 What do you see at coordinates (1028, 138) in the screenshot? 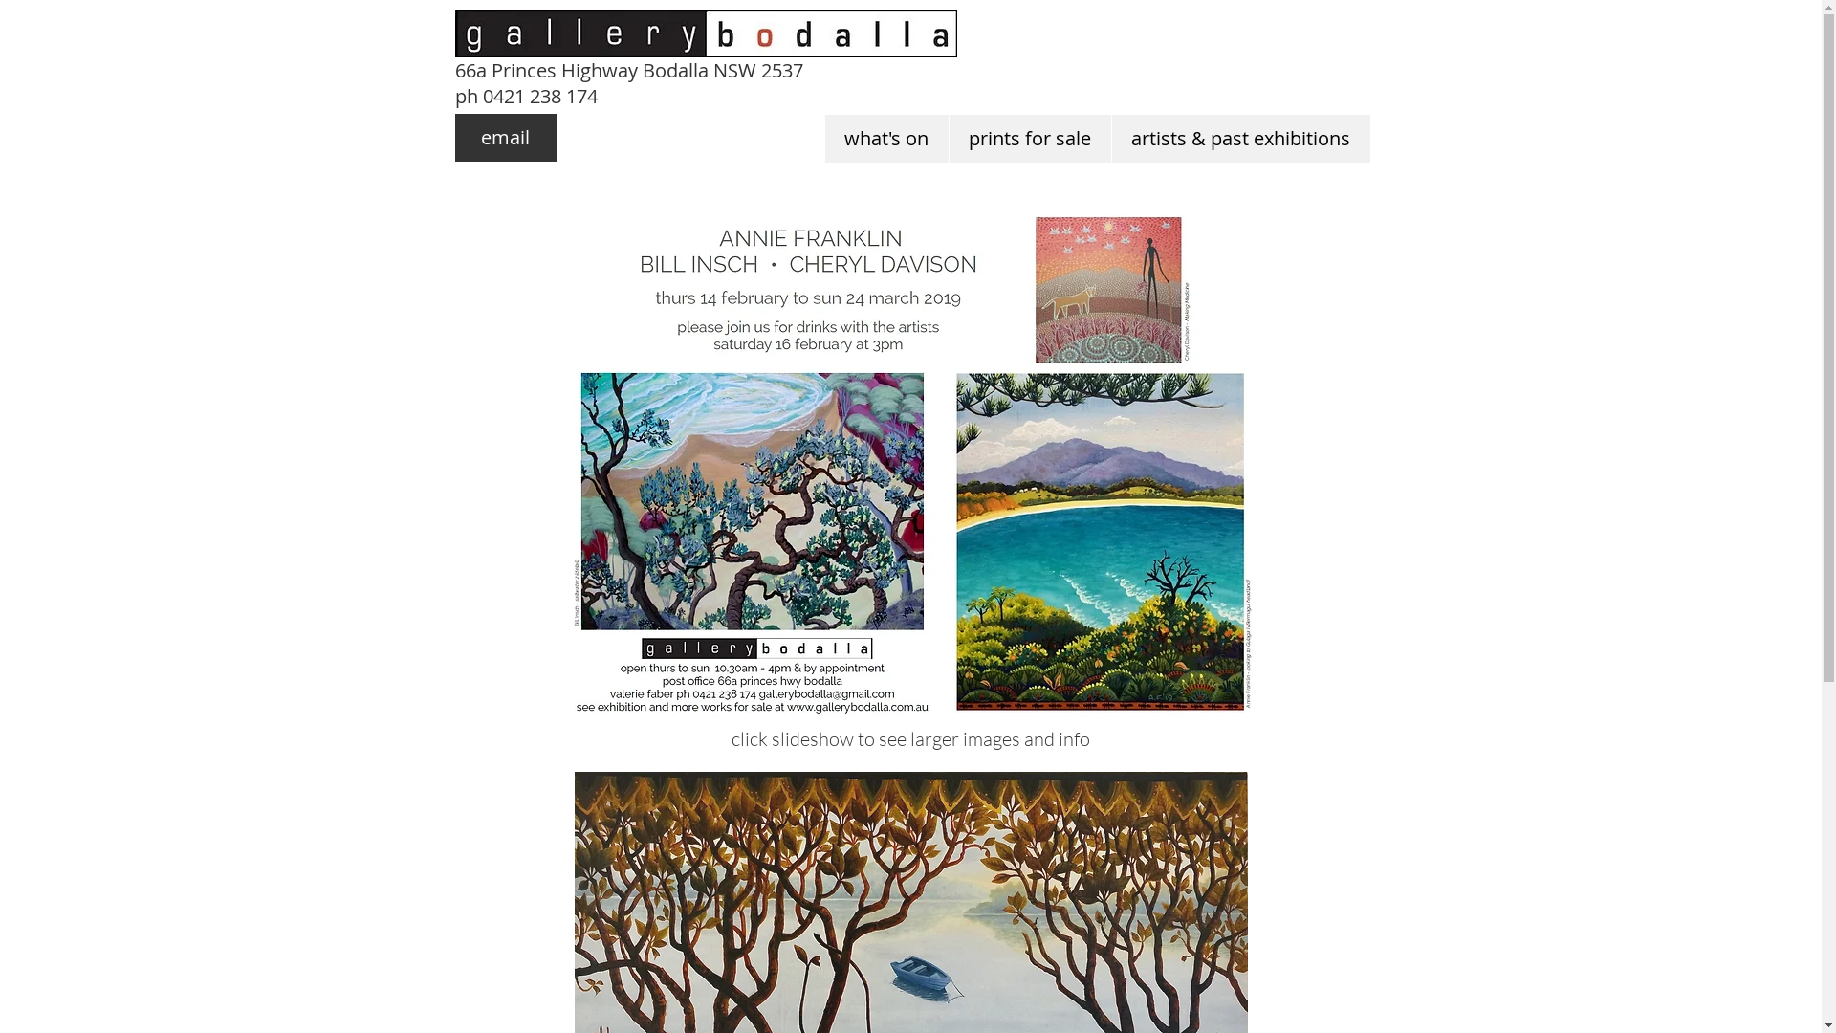
I see `'prints for sale'` at bounding box center [1028, 138].